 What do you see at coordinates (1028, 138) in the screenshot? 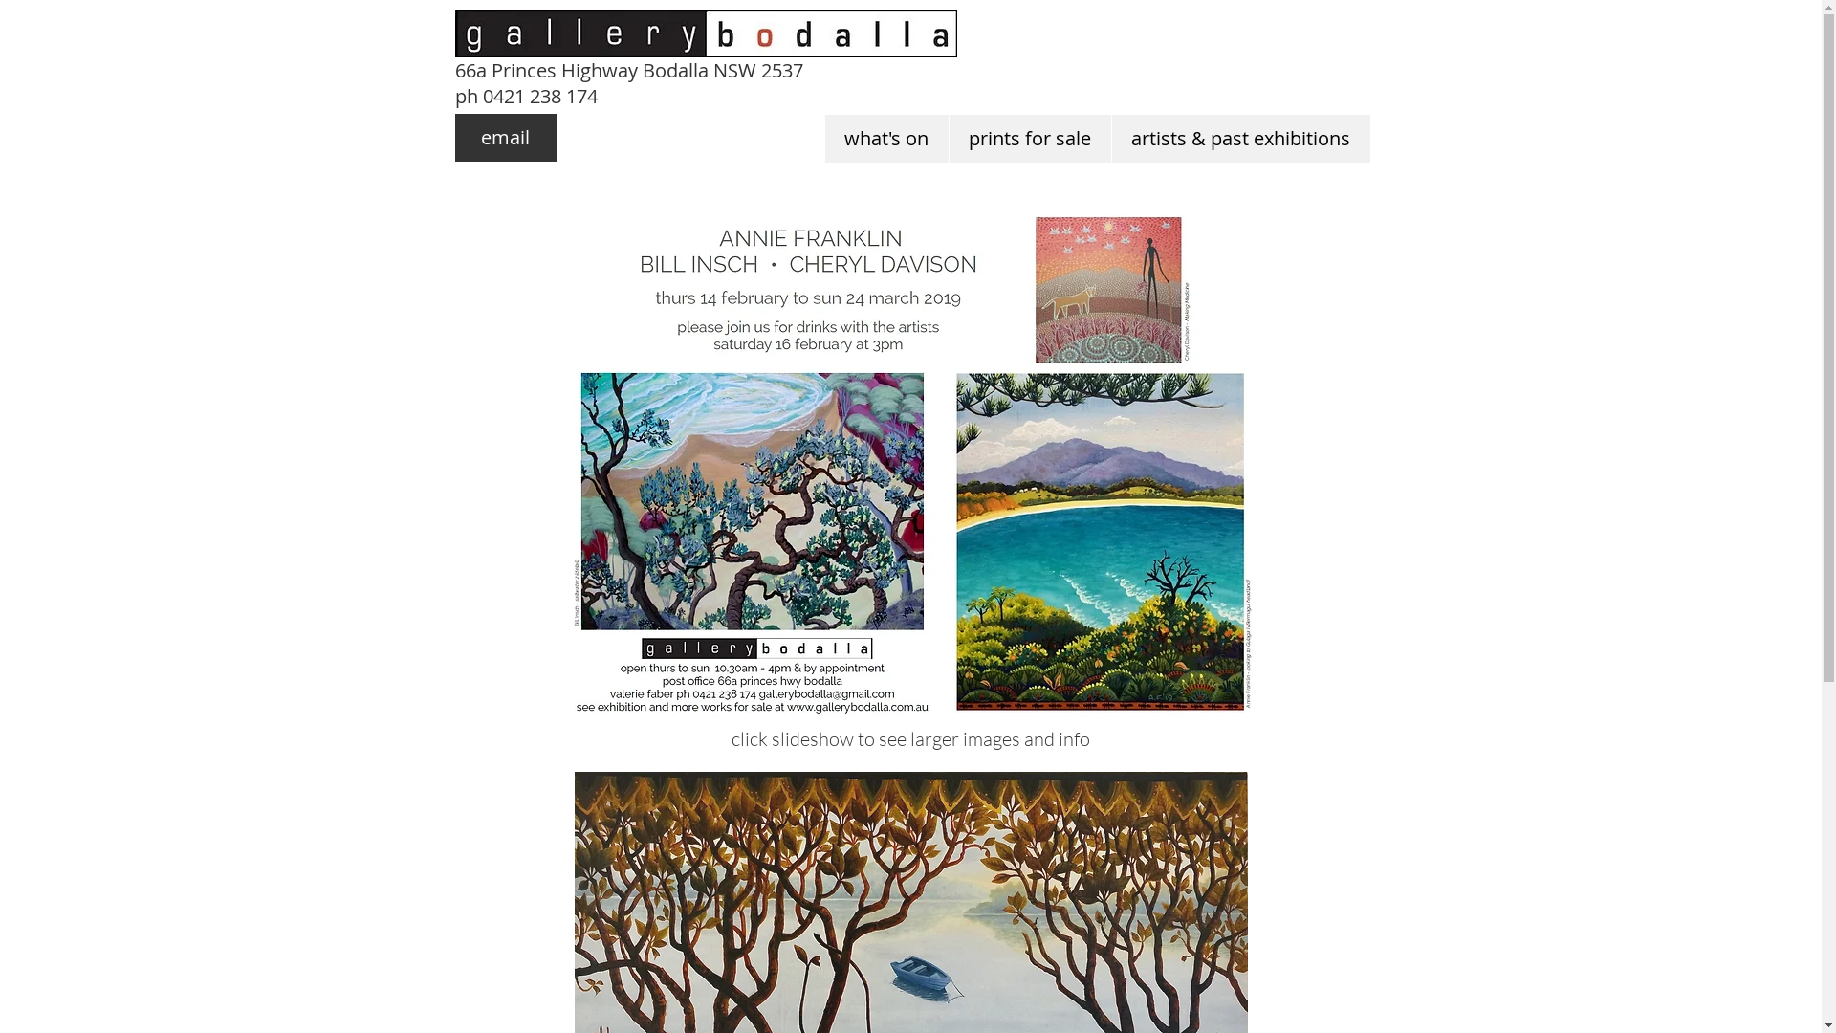
I see `'prints for sale'` at bounding box center [1028, 138].